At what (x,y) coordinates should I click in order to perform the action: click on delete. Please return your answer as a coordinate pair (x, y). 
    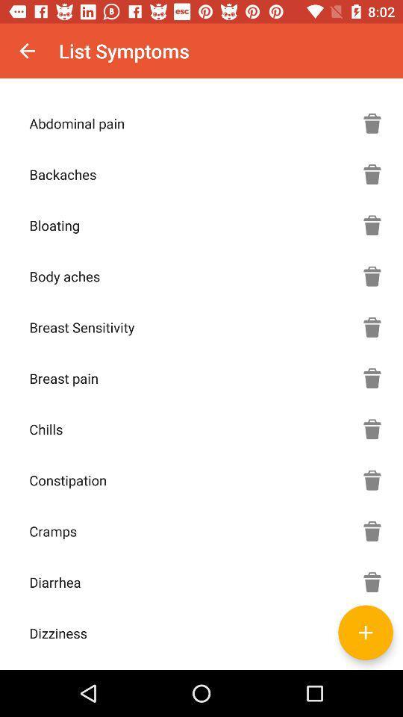
    Looking at the image, I should click on (372, 122).